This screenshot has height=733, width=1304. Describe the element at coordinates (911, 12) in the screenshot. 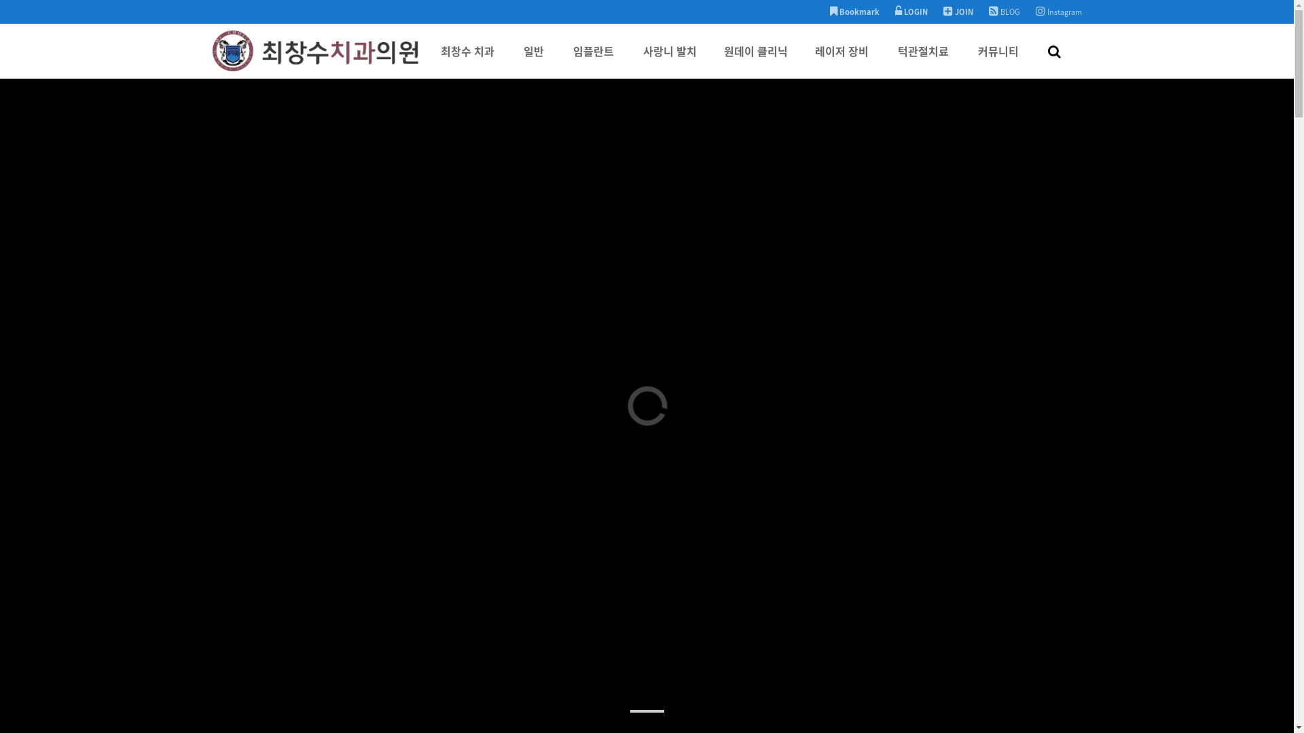

I see `'LOGIN'` at that location.